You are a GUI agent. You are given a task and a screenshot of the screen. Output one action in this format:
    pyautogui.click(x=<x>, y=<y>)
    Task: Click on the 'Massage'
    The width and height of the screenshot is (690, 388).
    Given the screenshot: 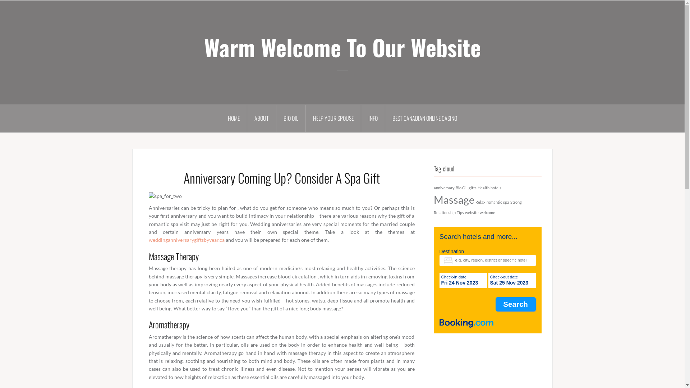 What is the action you would take?
    pyautogui.click(x=453, y=199)
    